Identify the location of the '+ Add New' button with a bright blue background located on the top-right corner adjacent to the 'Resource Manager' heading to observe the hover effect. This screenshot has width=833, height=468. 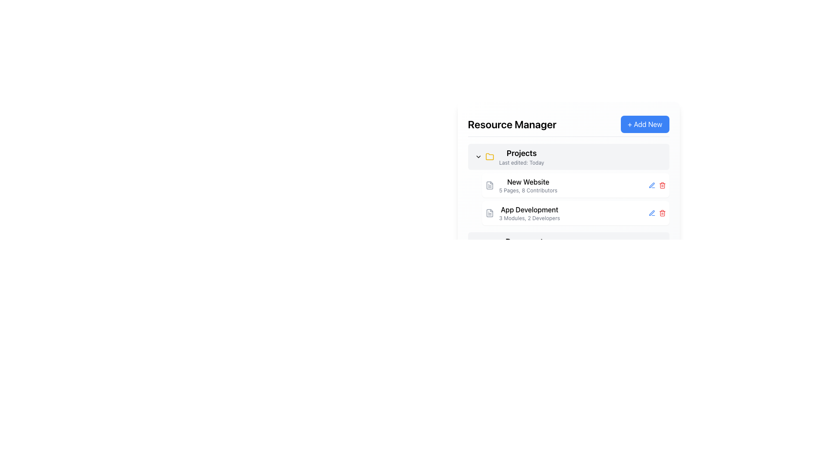
(645, 124).